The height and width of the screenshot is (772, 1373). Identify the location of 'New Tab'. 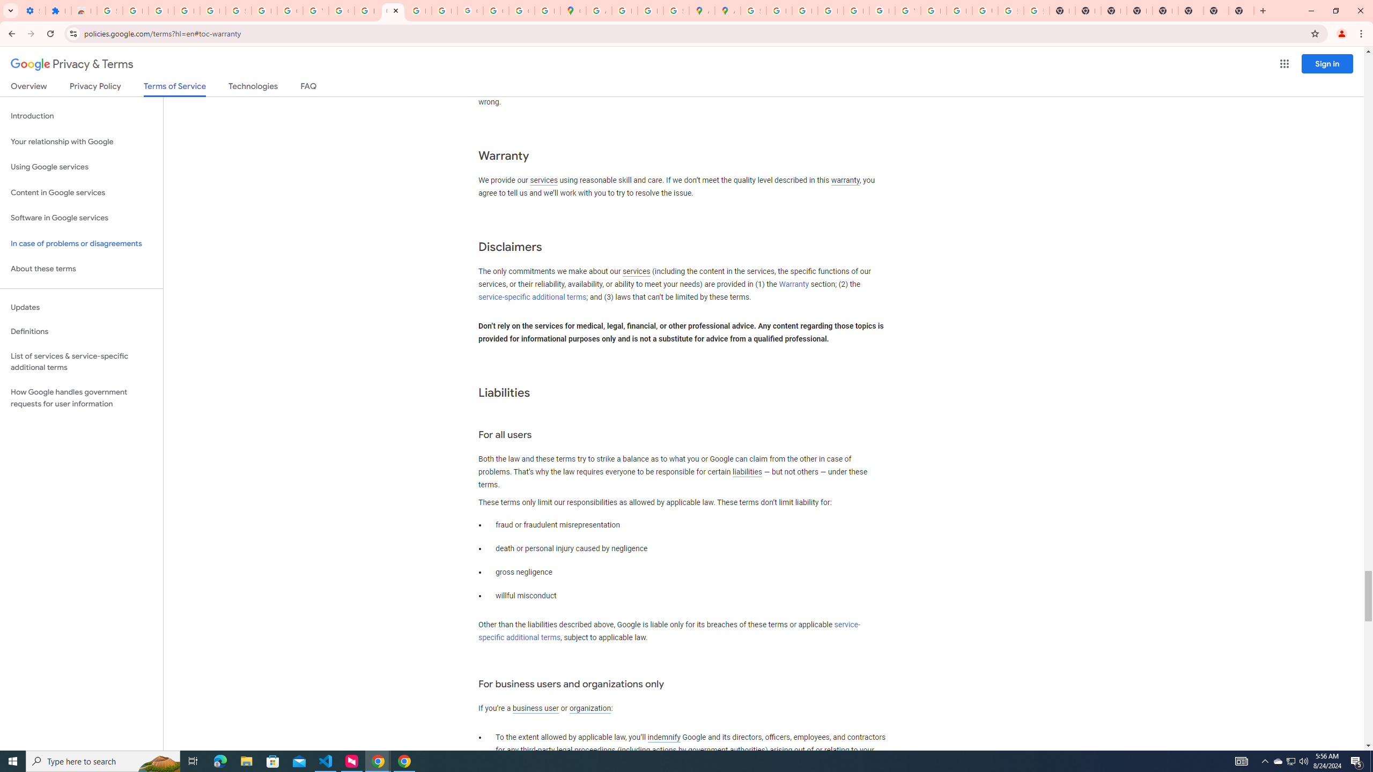
(1215, 10).